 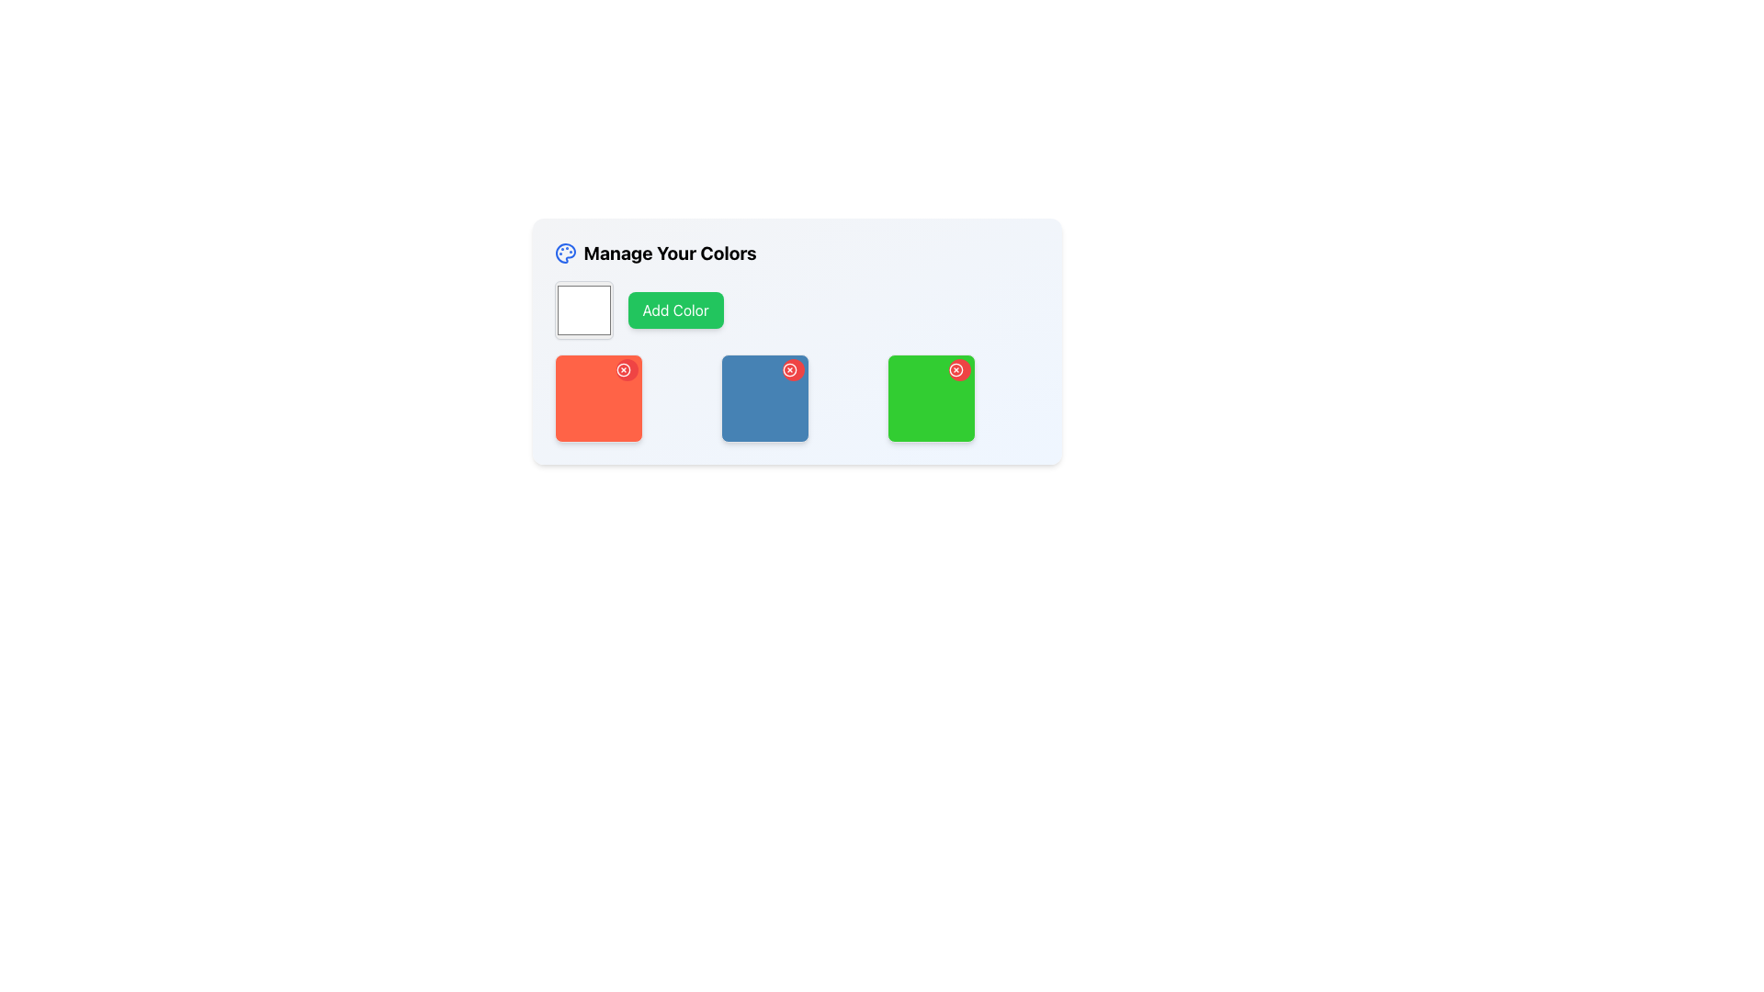 What do you see at coordinates (623, 369) in the screenshot?
I see `the close/delete icon located at the top-right corner of the red circular button, which is positioned in the upper-right corner of the red square under the 'Manage Your Colors' header` at bounding box center [623, 369].